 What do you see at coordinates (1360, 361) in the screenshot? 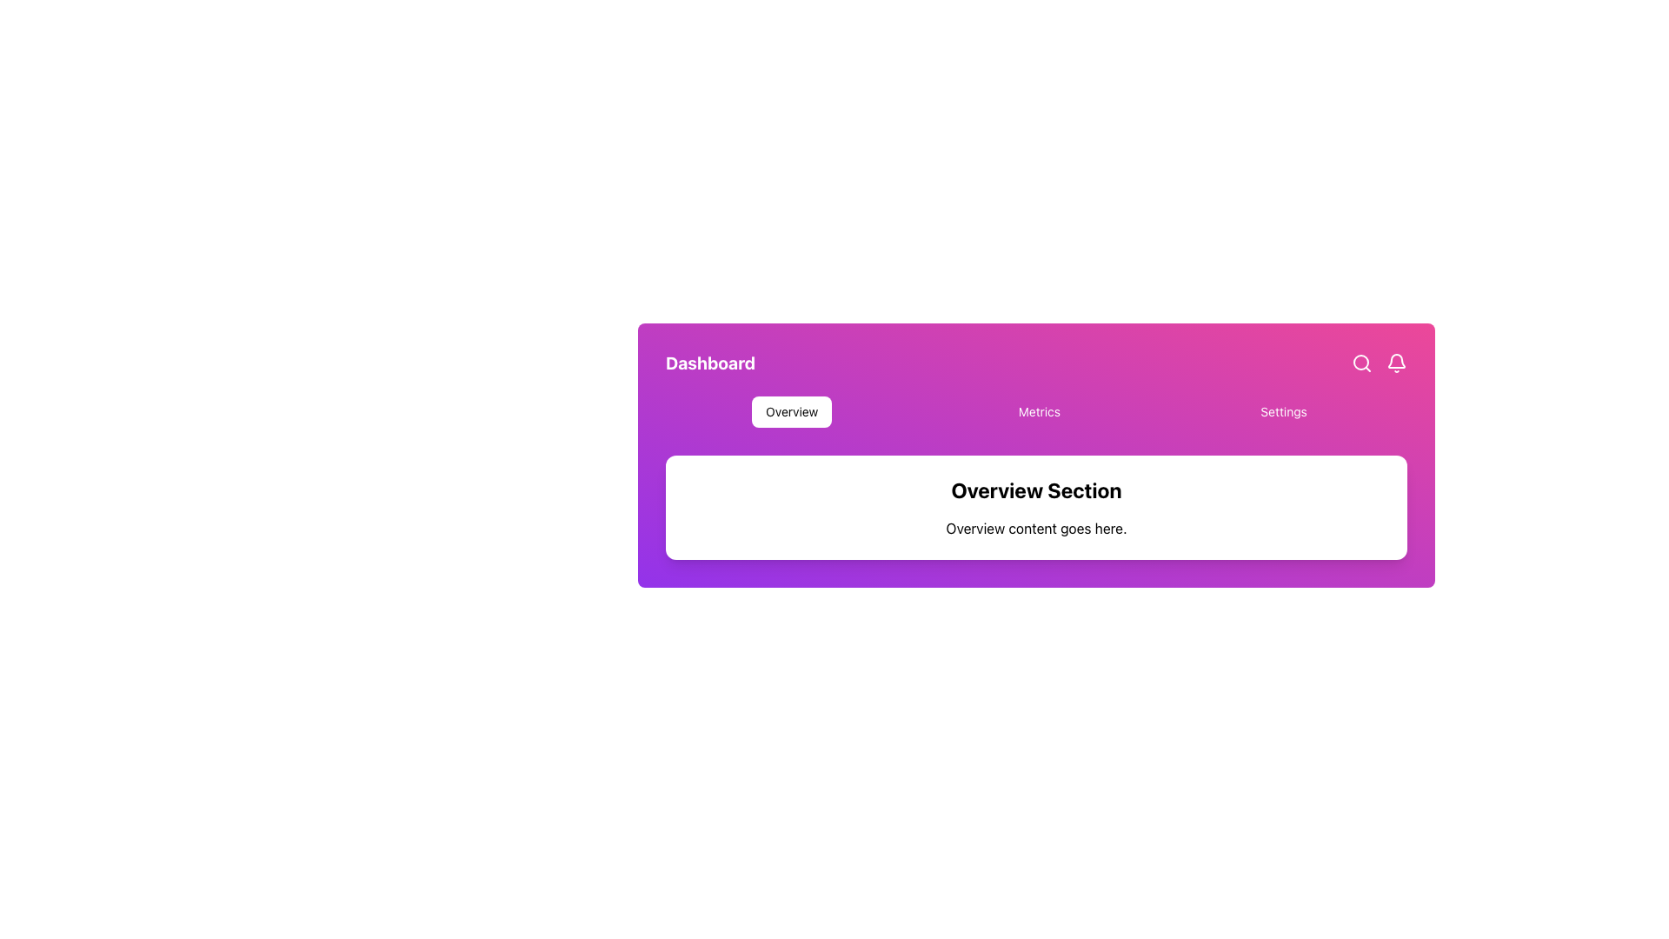
I see `the circular SVG element that is part of the magnifying glass icon located in the top-right corner of the interface` at bounding box center [1360, 361].